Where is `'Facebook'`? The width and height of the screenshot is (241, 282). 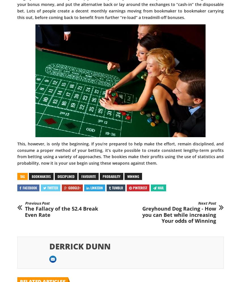
'Facebook' is located at coordinates (29, 187).